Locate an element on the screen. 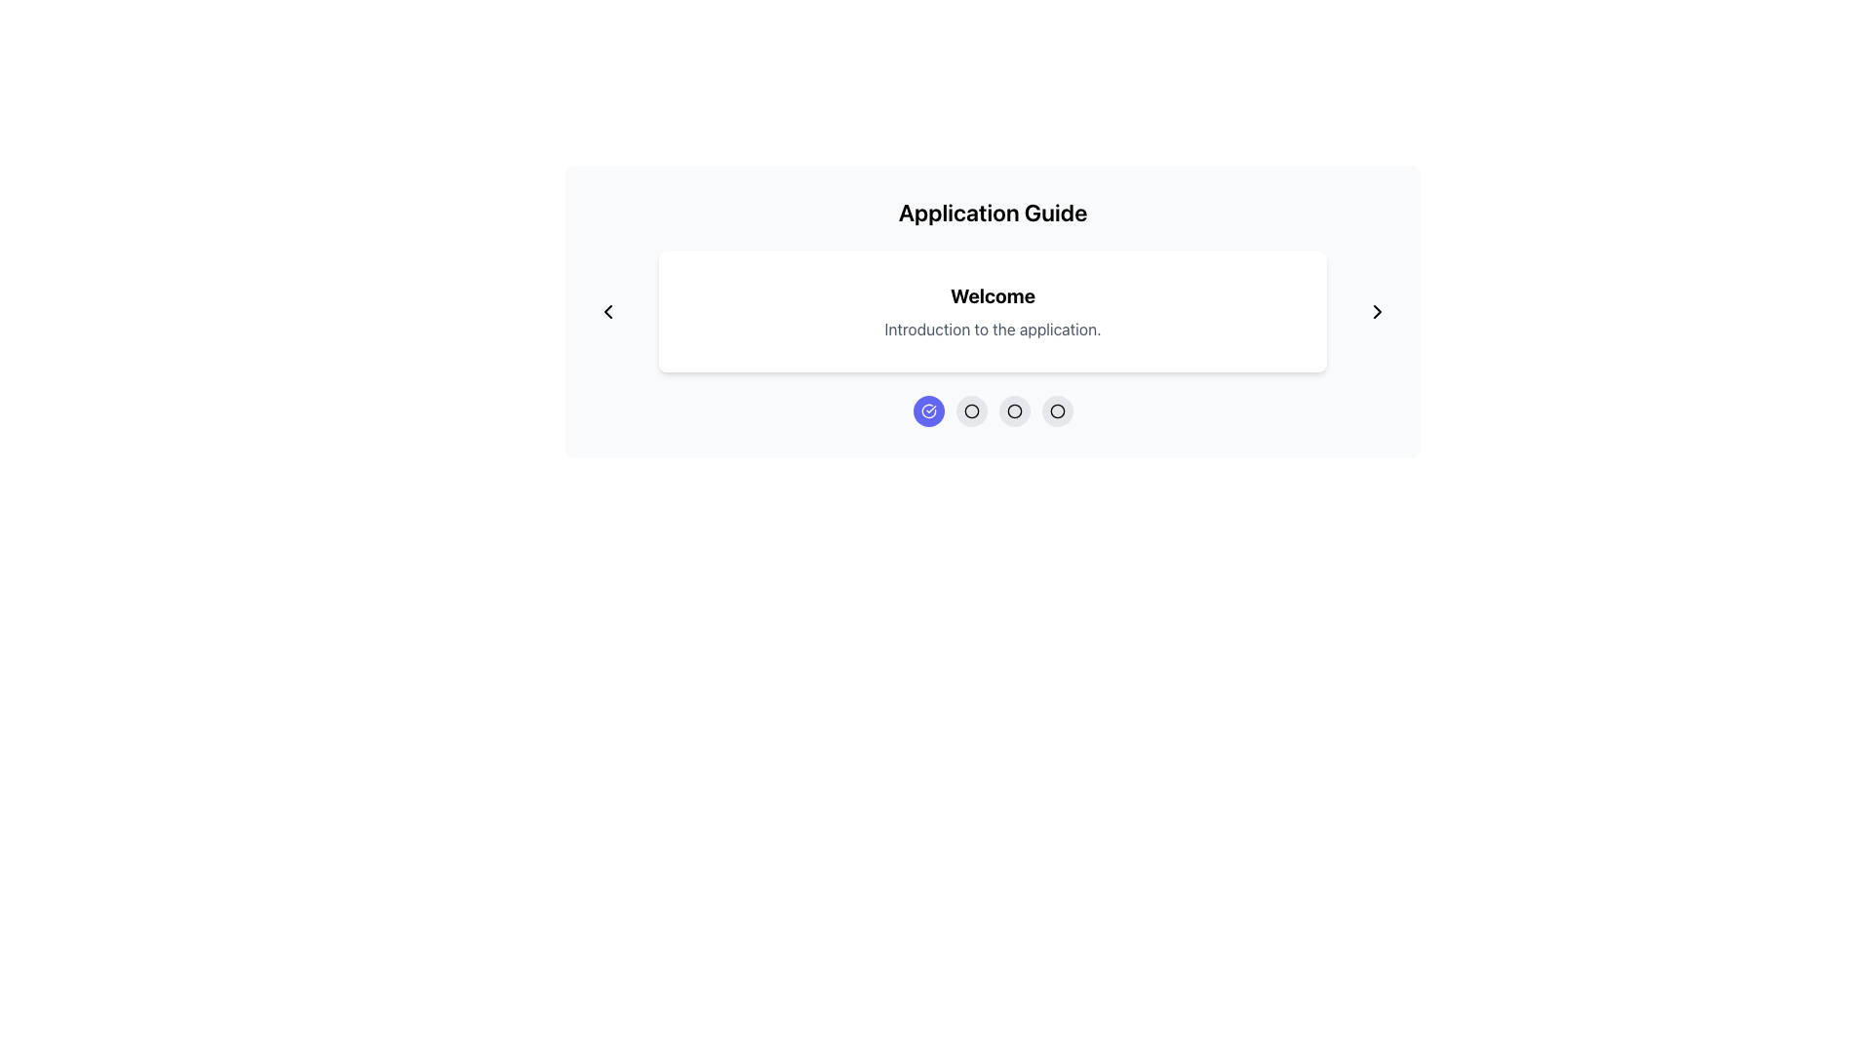 This screenshot has width=1872, height=1053. the glowing progress indicator icon located in the first circle of four at the bottom center of the UI is located at coordinates (927, 409).